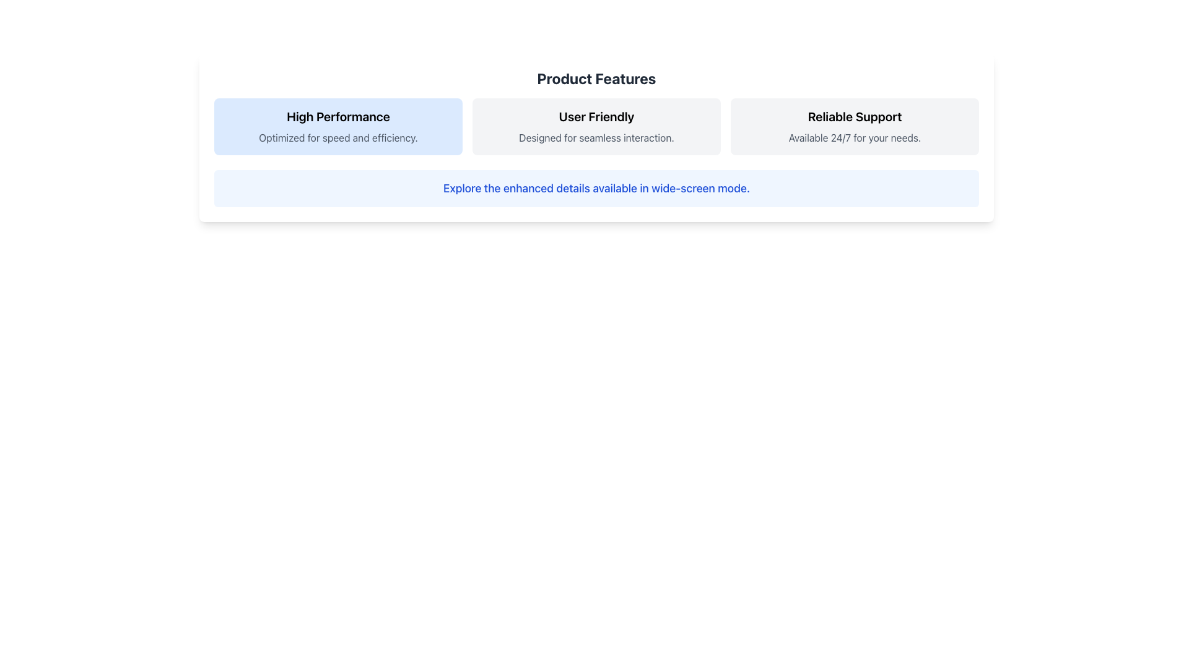 The image size is (1189, 668). I want to click on the 'User Friendly' text label in the center card of the three horizontally aligned feature cards to prompt tooltips, so click(596, 117).